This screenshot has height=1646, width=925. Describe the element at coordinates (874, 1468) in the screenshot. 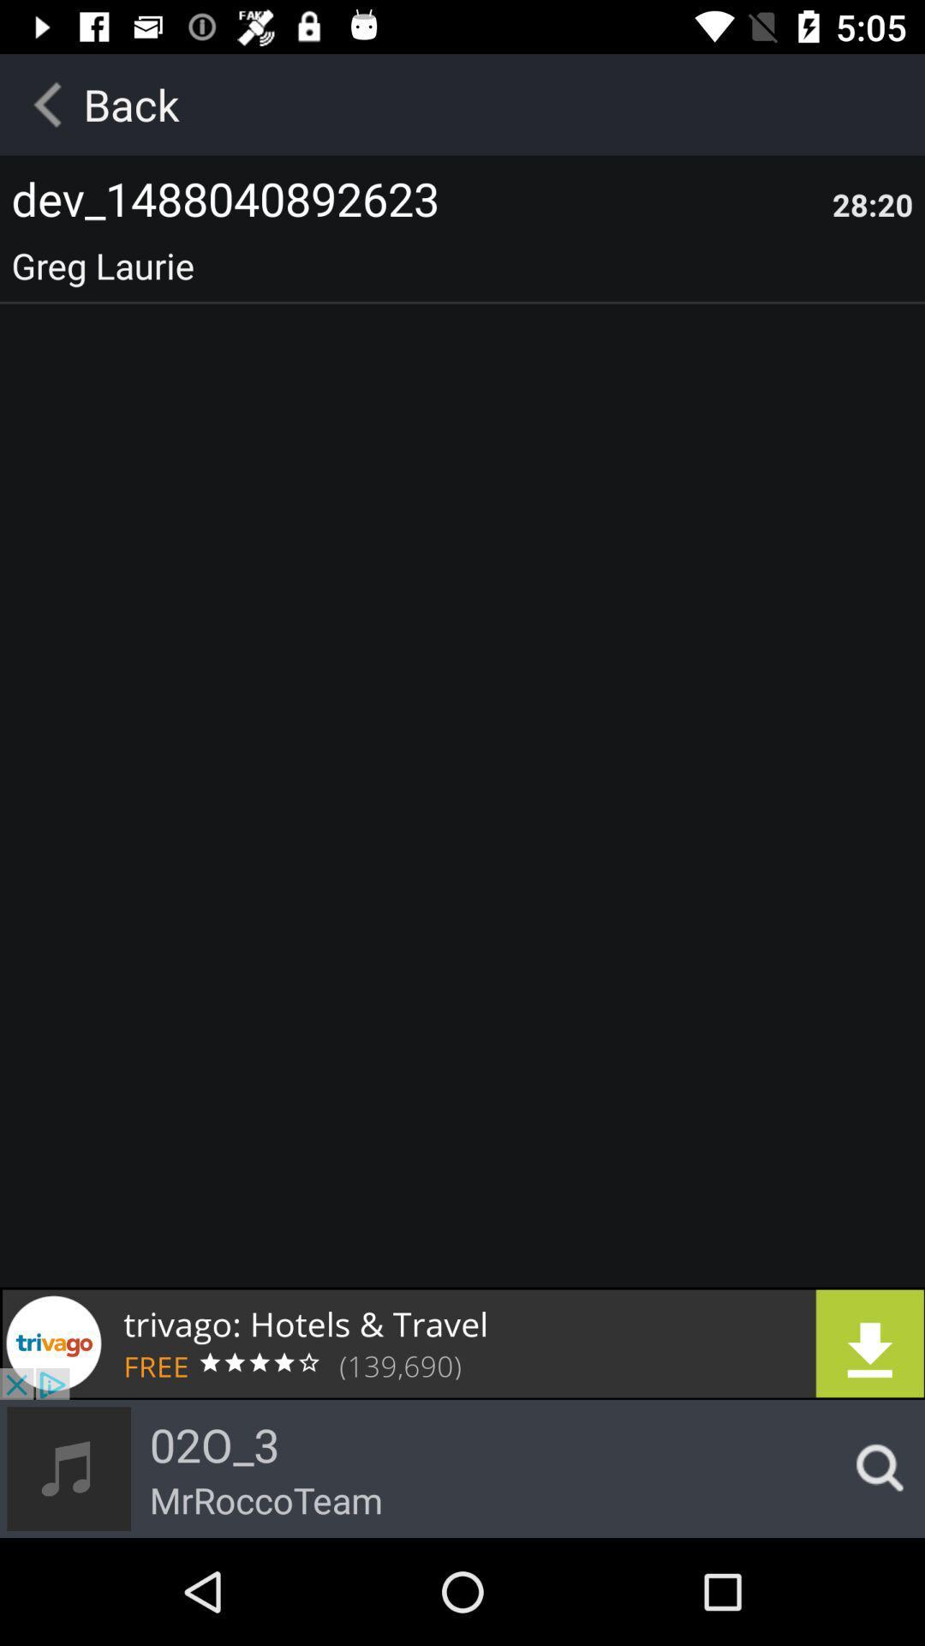

I see `the search icon` at that location.